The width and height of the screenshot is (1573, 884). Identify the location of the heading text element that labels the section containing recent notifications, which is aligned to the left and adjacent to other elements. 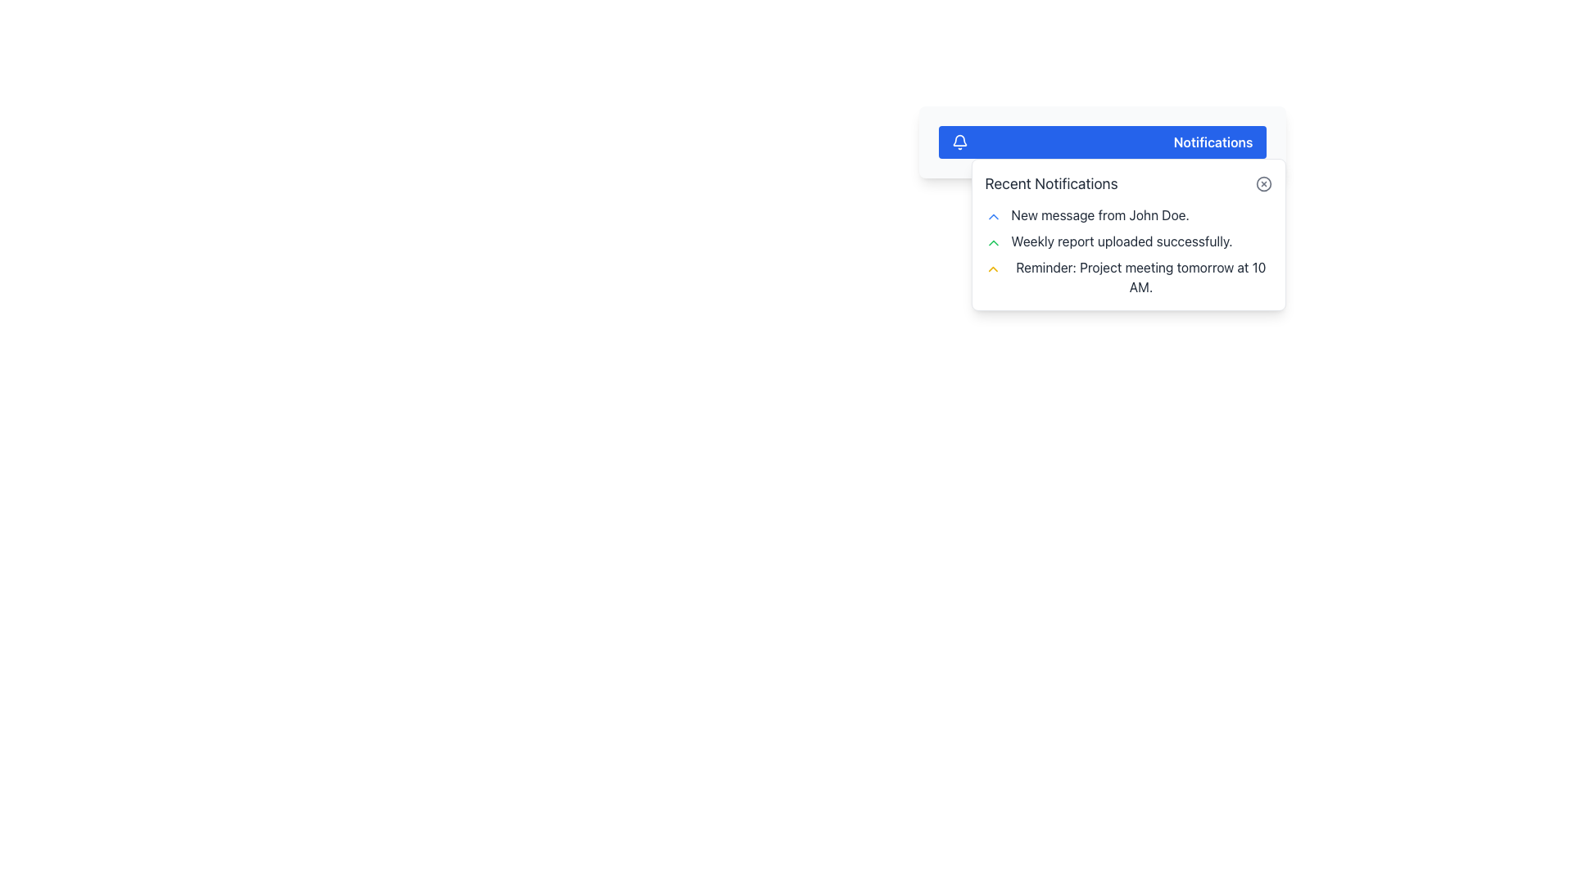
(1051, 183).